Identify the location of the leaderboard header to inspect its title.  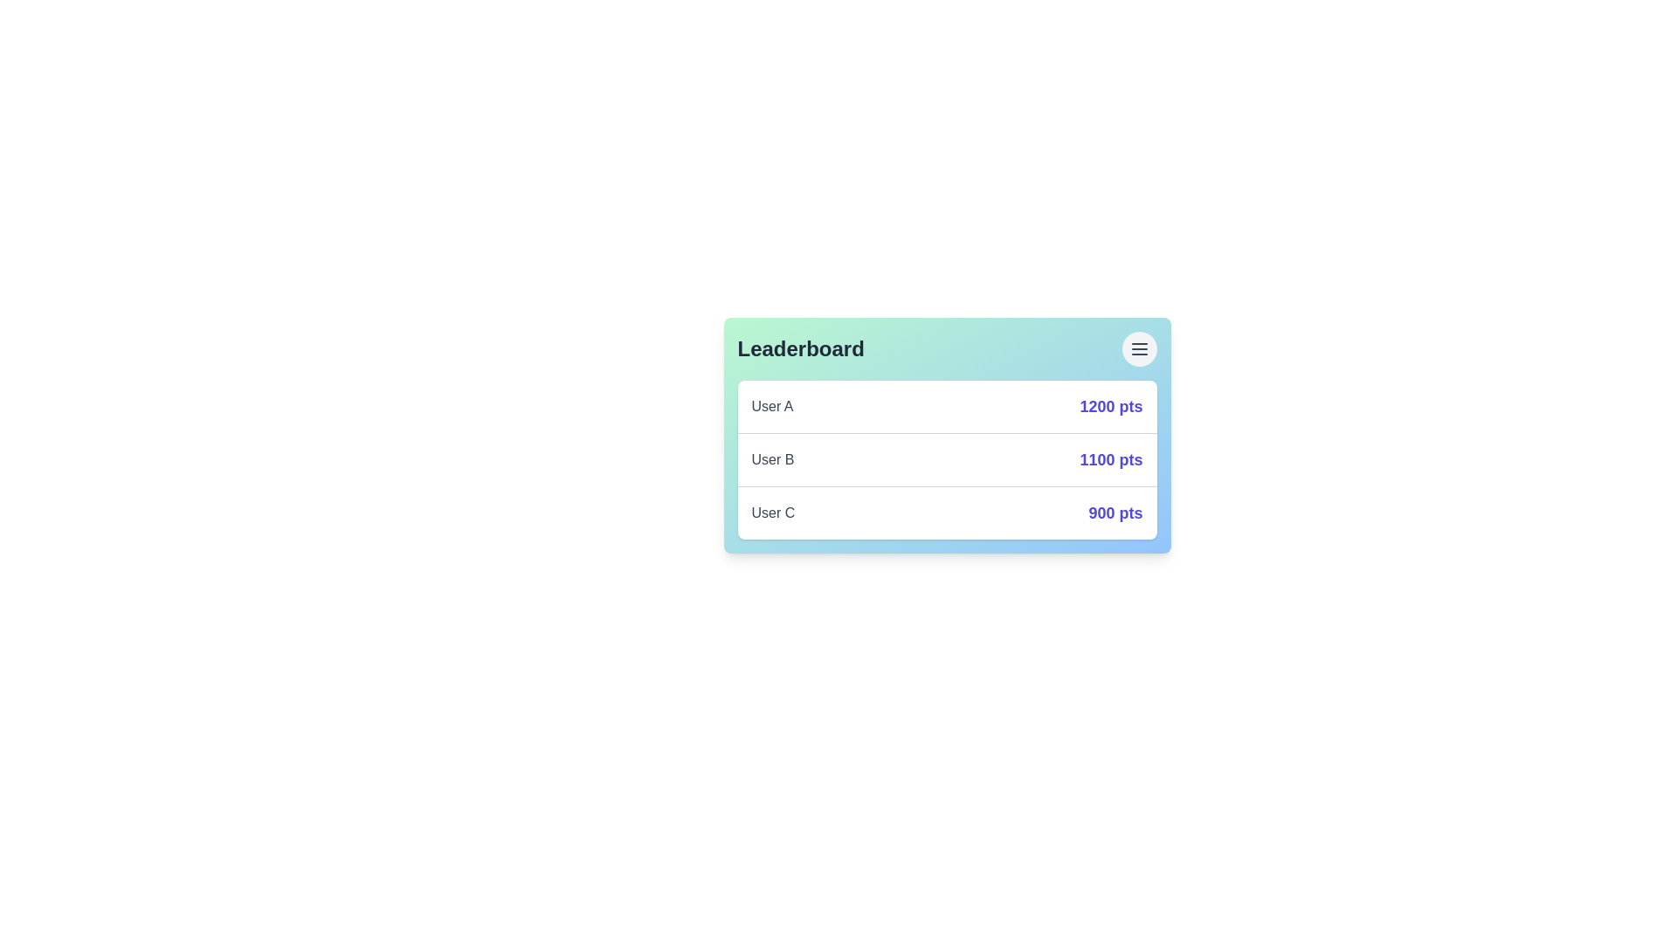
(946, 349).